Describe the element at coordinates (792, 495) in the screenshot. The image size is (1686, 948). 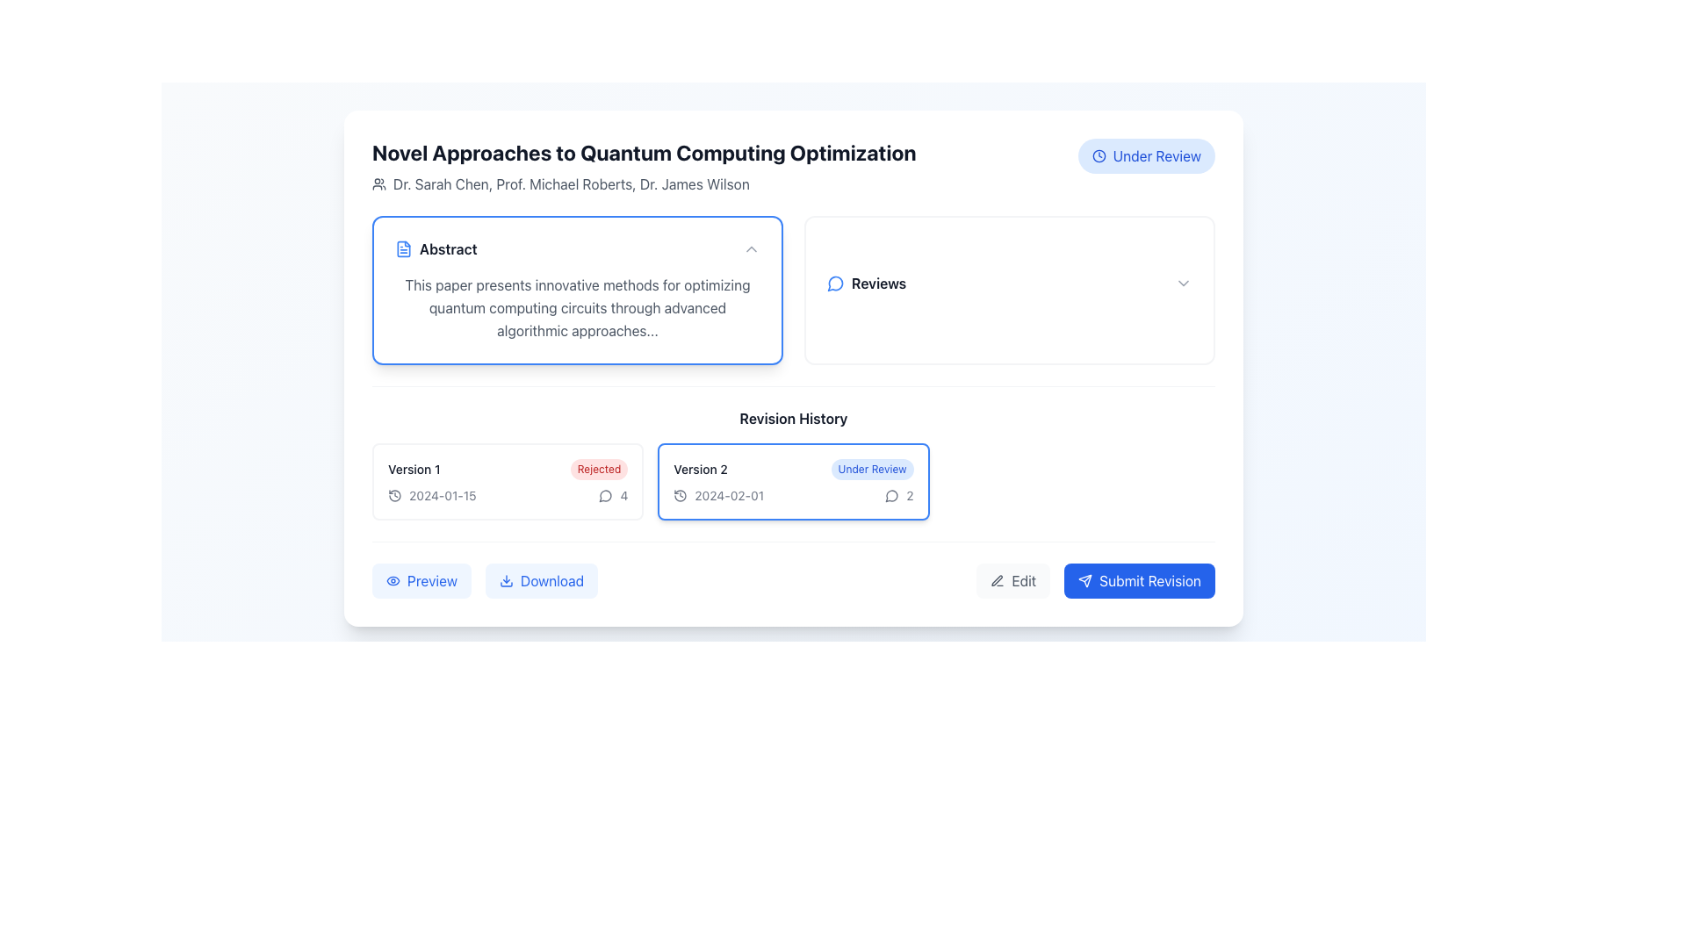
I see `the textual display component indicating a date and version number, located centrally within the 'Version 2' section under 'Revision History', below 'Under Review'` at that location.